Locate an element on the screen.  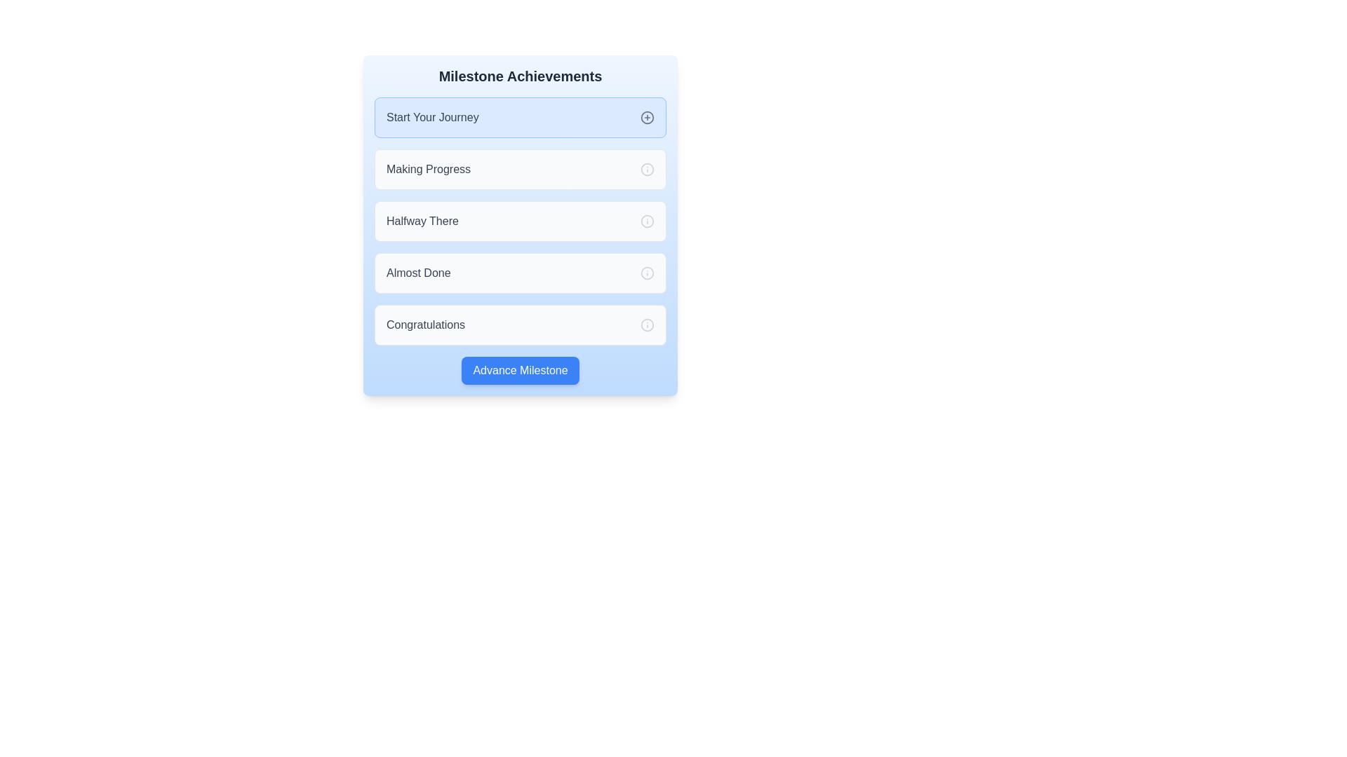
the descriptive text indicating completion or achievement located above the 'Advance Milestone' button in the last card labeled under 'Milestone Achievements' is located at coordinates (425, 325).